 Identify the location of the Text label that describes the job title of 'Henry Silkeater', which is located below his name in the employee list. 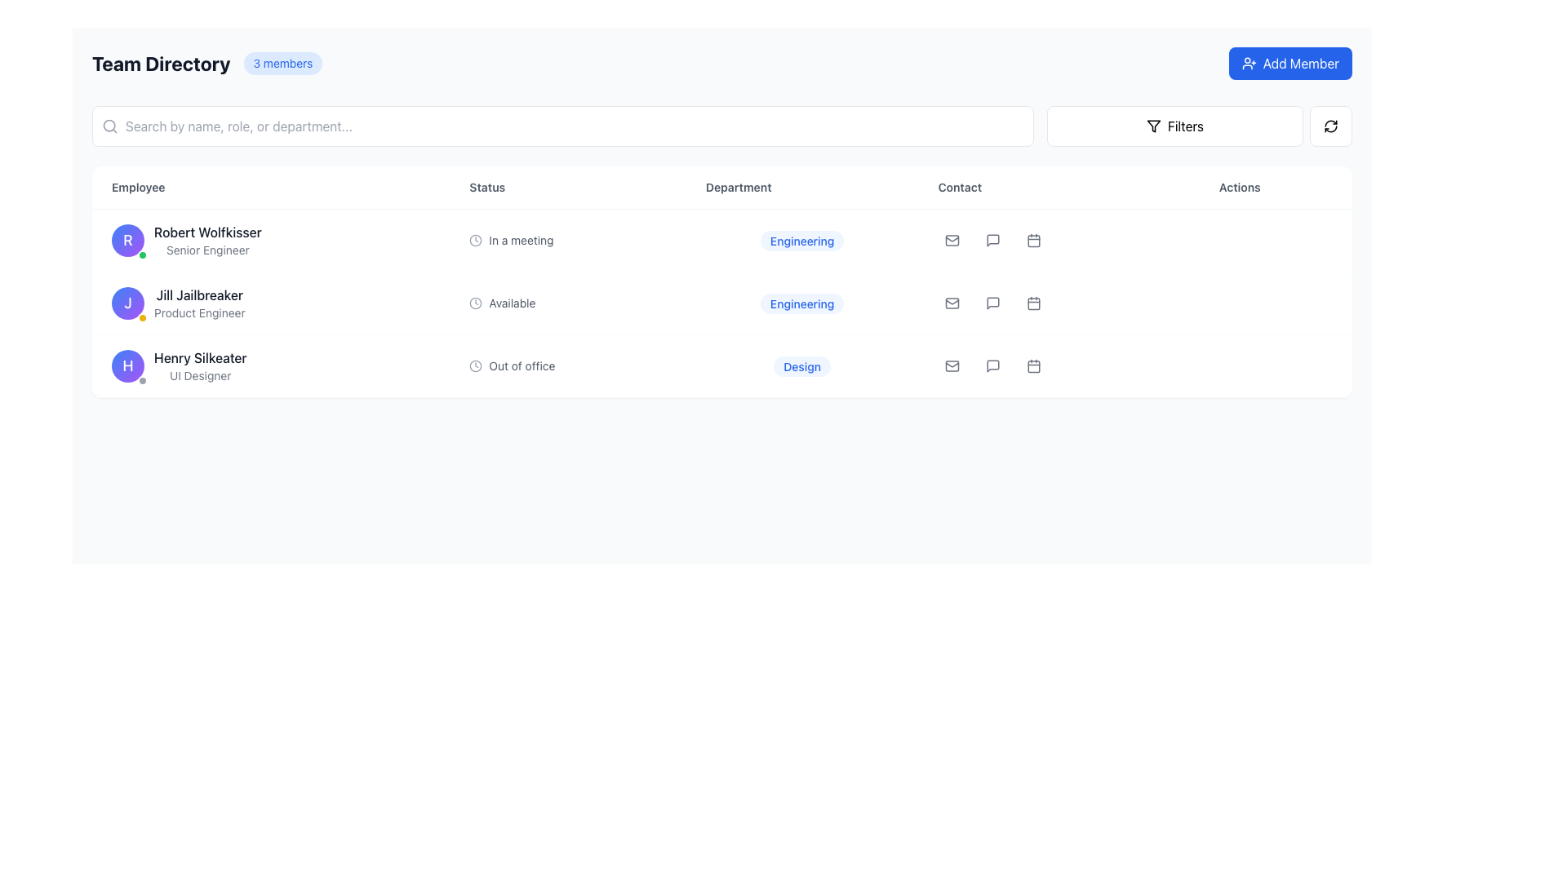
(199, 376).